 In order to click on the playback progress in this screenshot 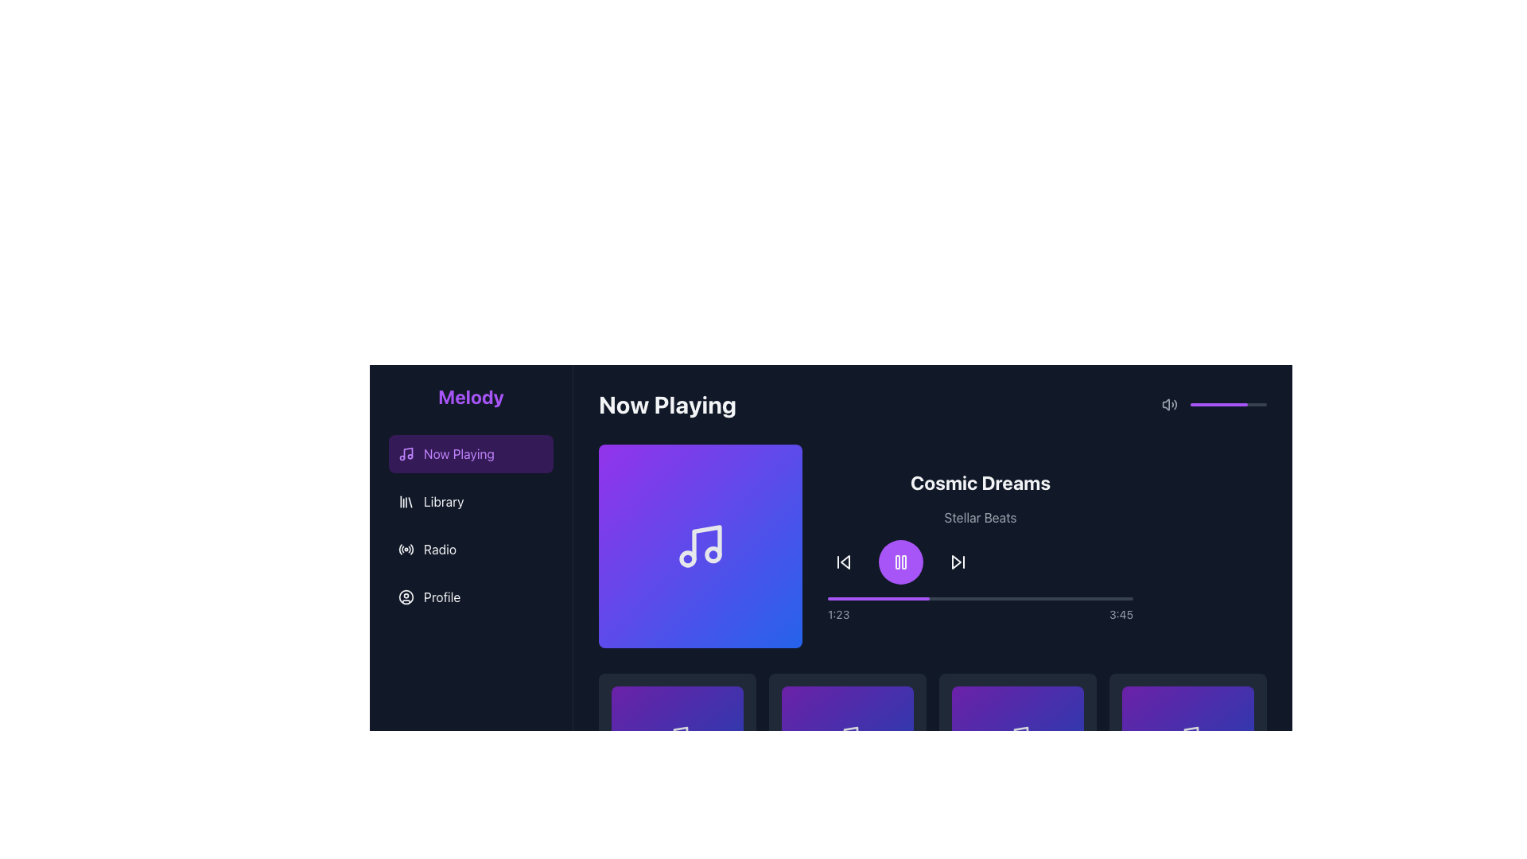, I will do `click(876, 598)`.